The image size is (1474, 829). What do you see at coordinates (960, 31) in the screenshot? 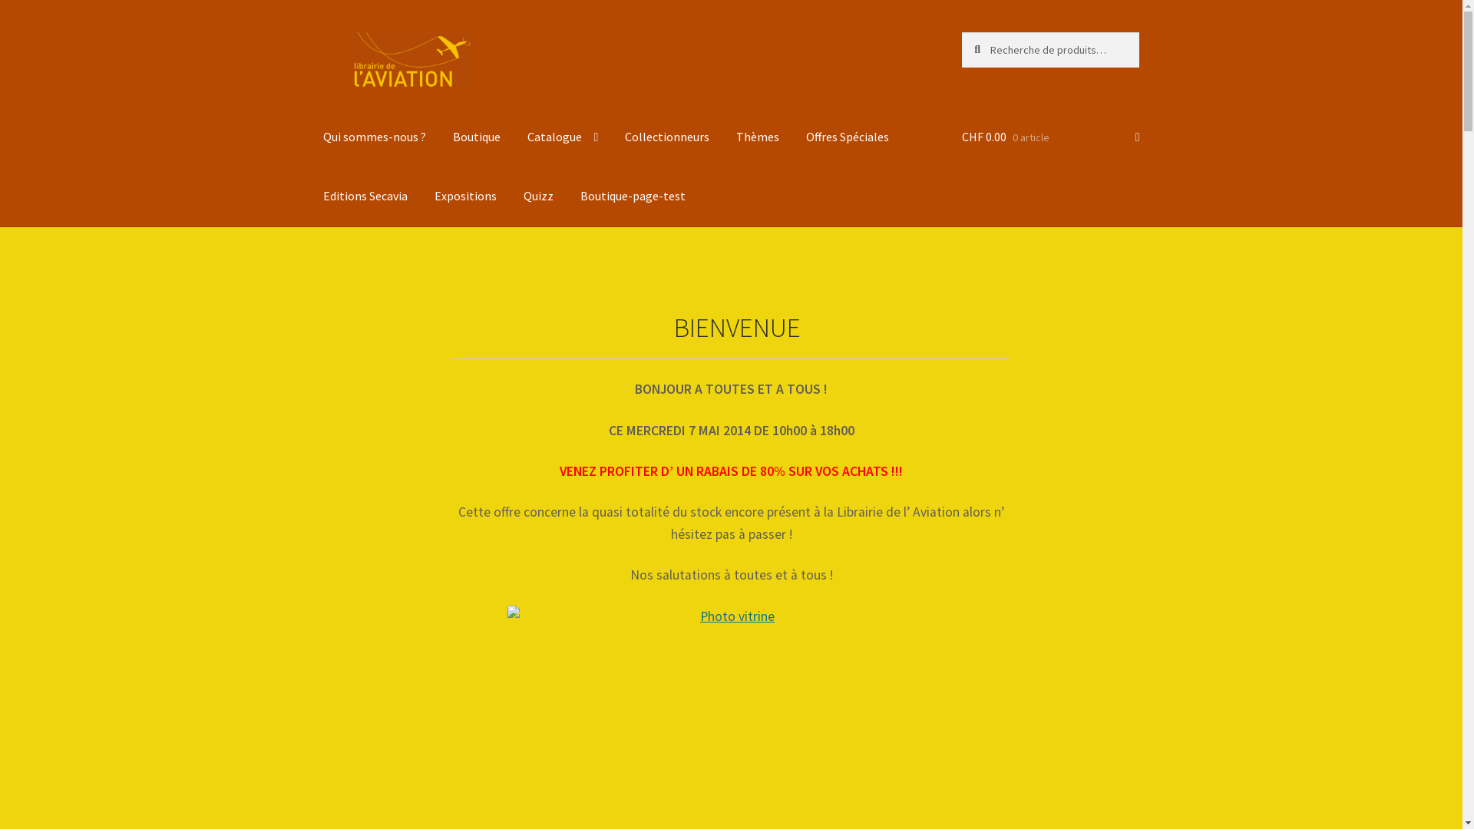
I see `'Recherche'` at bounding box center [960, 31].